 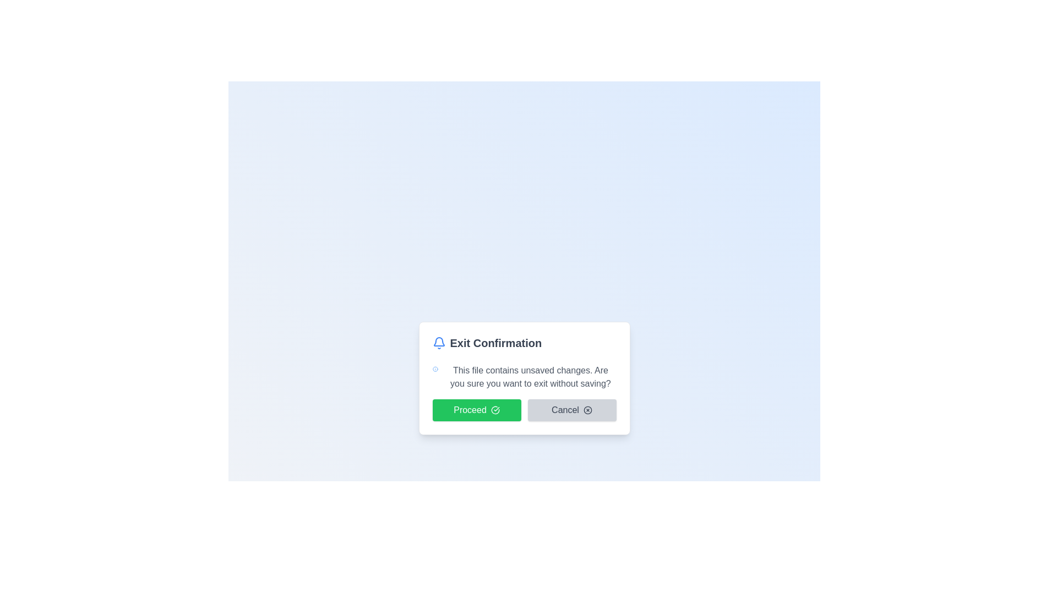 I want to click on the green circle checkmark icon within the 'Proceed' button on the modal dialog, which indicates validation or success, so click(x=494, y=410).